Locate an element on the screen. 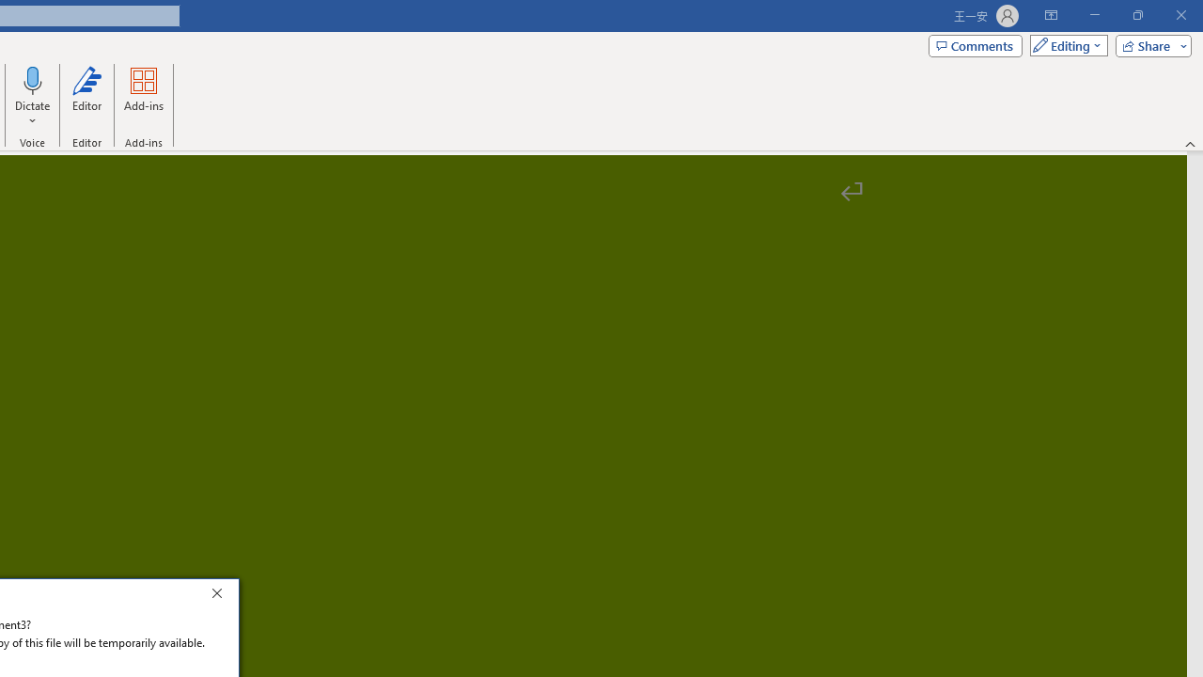 This screenshot has height=677, width=1203. 'Mode' is located at coordinates (1065, 44).